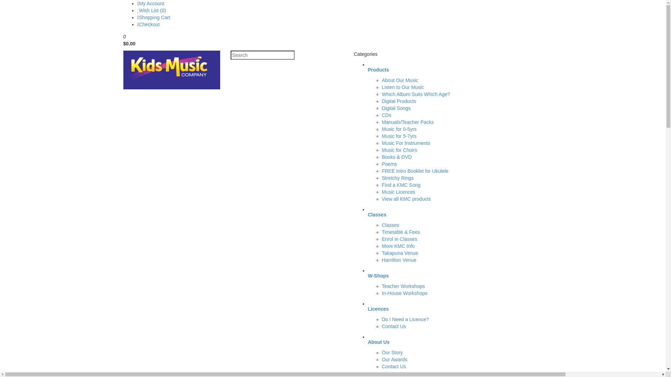 The image size is (671, 377). I want to click on 'Listen to Our Music', so click(403, 87).